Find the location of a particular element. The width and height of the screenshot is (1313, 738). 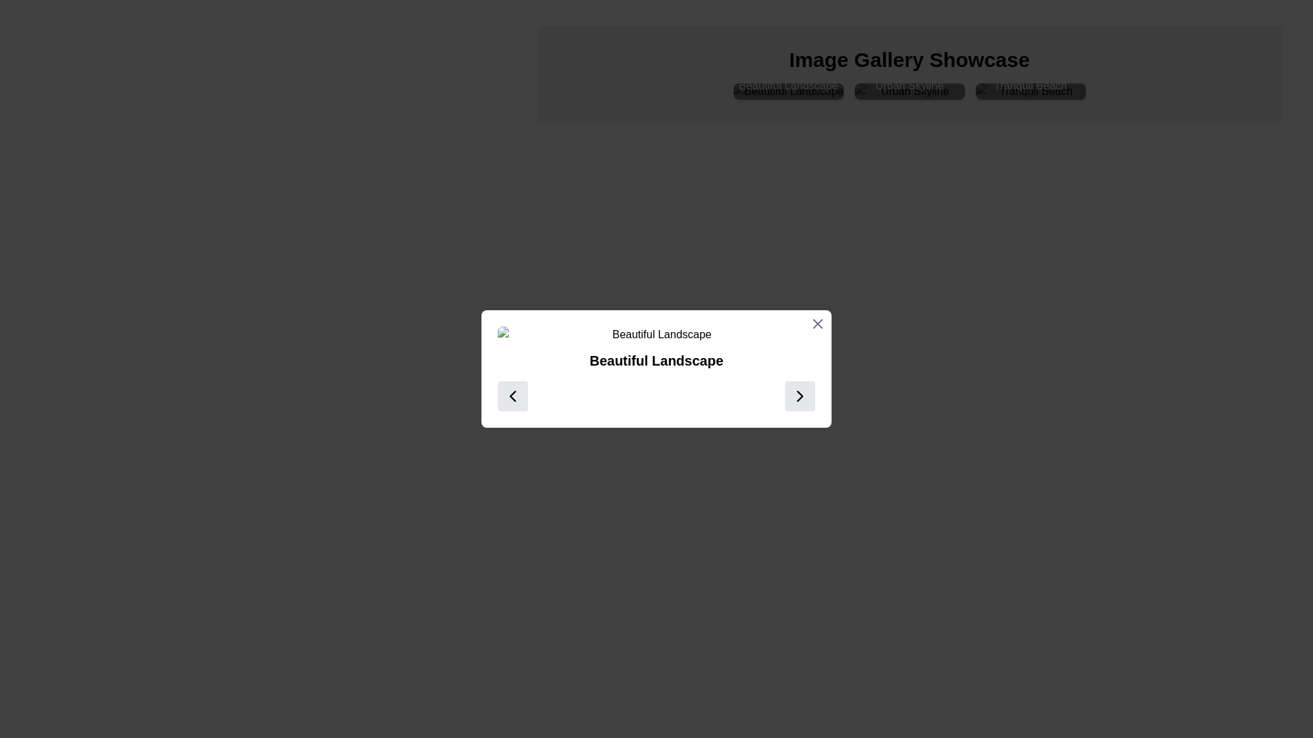

the first interactive image card in the gallery is located at coordinates (788, 92).